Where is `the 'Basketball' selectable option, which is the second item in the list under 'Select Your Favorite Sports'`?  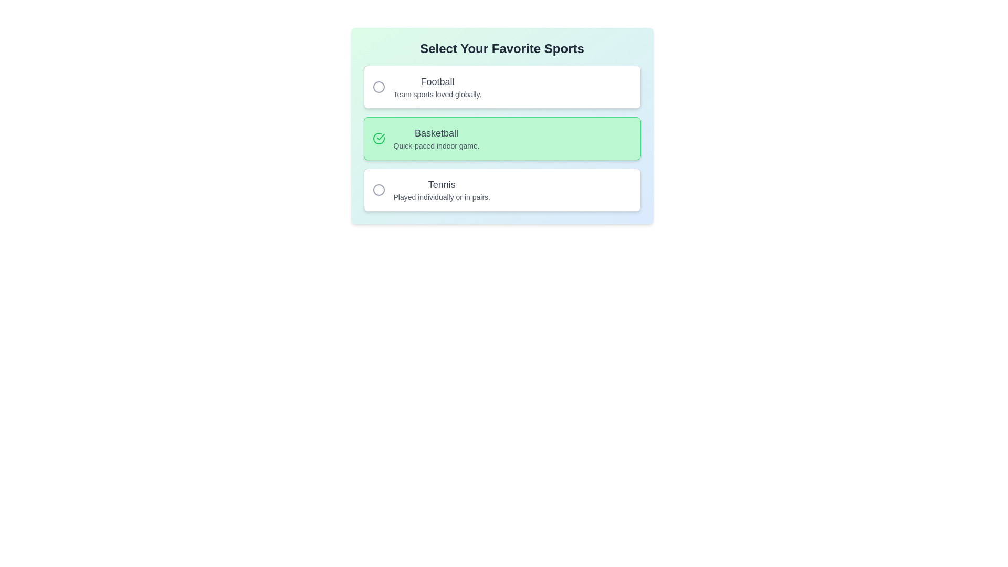 the 'Basketball' selectable option, which is the second item in the list under 'Select Your Favorite Sports' is located at coordinates (501, 138).